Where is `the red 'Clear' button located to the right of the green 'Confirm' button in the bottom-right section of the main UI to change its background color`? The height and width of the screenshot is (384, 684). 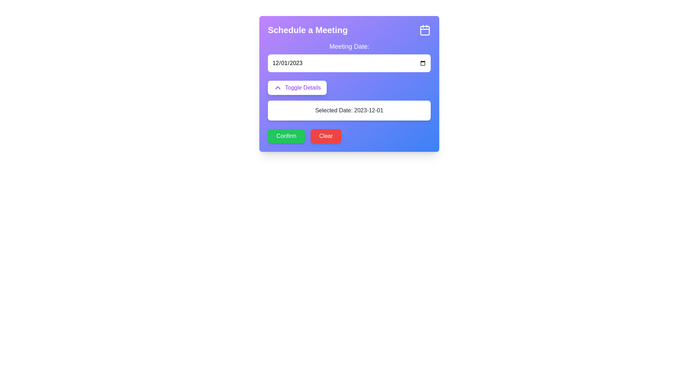 the red 'Clear' button located to the right of the green 'Confirm' button in the bottom-right section of the main UI to change its background color is located at coordinates (326, 136).